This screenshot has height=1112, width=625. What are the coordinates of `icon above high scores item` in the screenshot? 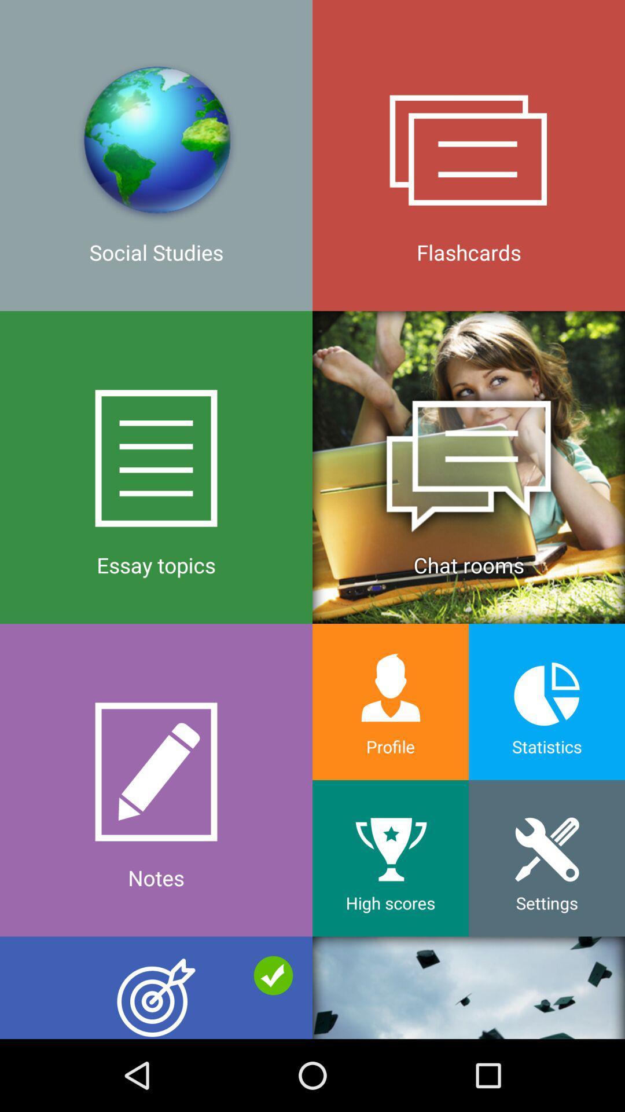 It's located at (391, 701).